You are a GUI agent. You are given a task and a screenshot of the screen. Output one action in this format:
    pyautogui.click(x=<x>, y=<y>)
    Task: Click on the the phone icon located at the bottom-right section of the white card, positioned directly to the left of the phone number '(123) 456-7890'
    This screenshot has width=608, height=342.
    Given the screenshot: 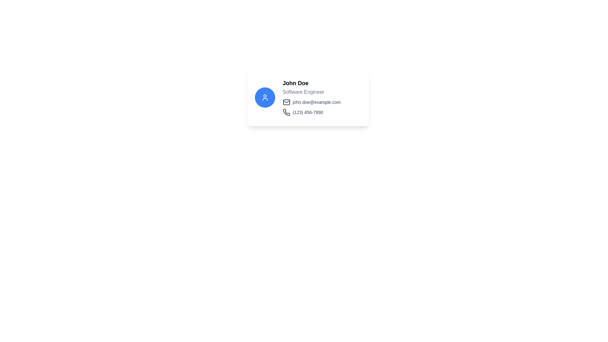 What is the action you would take?
    pyautogui.click(x=286, y=112)
    